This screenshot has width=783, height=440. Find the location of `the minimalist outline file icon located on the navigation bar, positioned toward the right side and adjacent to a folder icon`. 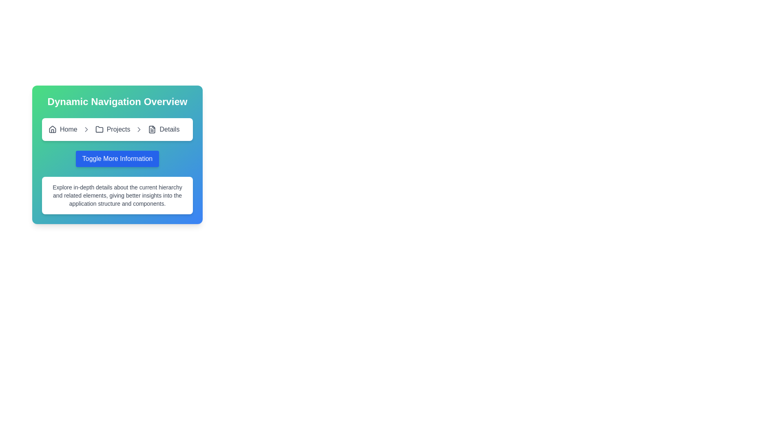

the minimalist outline file icon located on the navigation bar, positioned toward the right side and adjacent to a folder icon is located at coordinates (152, 129).